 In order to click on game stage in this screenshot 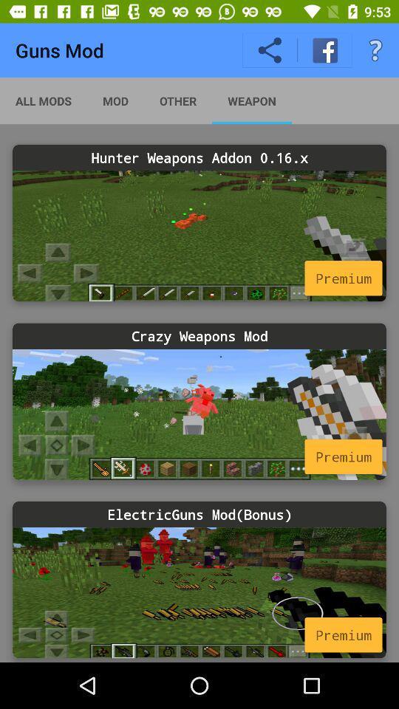, I will do `click(199, 414)`.